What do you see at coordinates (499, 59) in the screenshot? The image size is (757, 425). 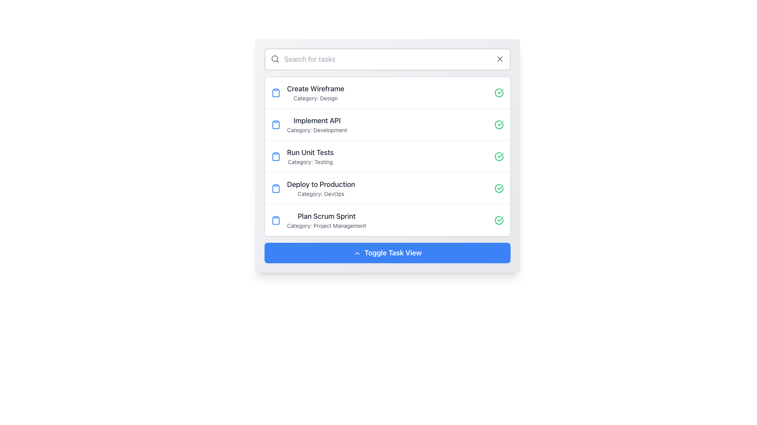 I see `the 'X' icon located in the top-right corner of the search input area to clear the search input` at bounding box center [499, 59].